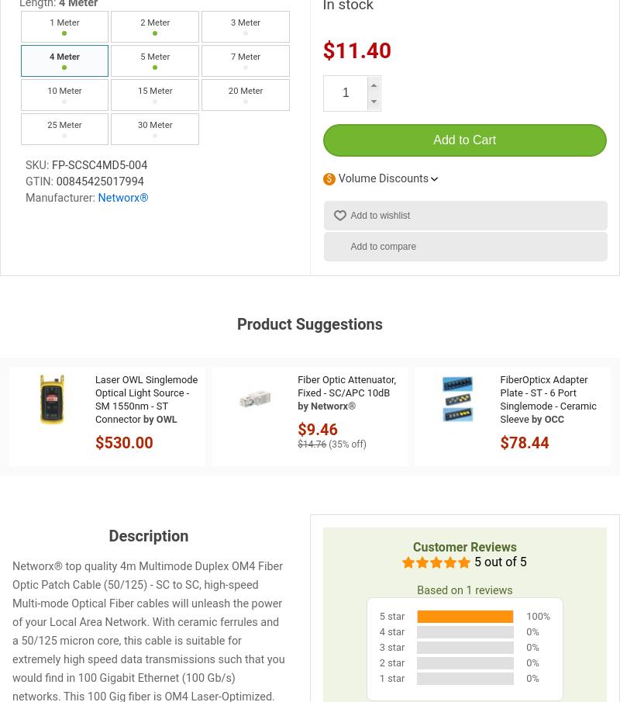 Image resolution: width=620 pixels, height=702 pixels. What do you see at coordinates (530, 417) in the screenshot?
I see `'by OCC'` at bounding box center [530, 417].